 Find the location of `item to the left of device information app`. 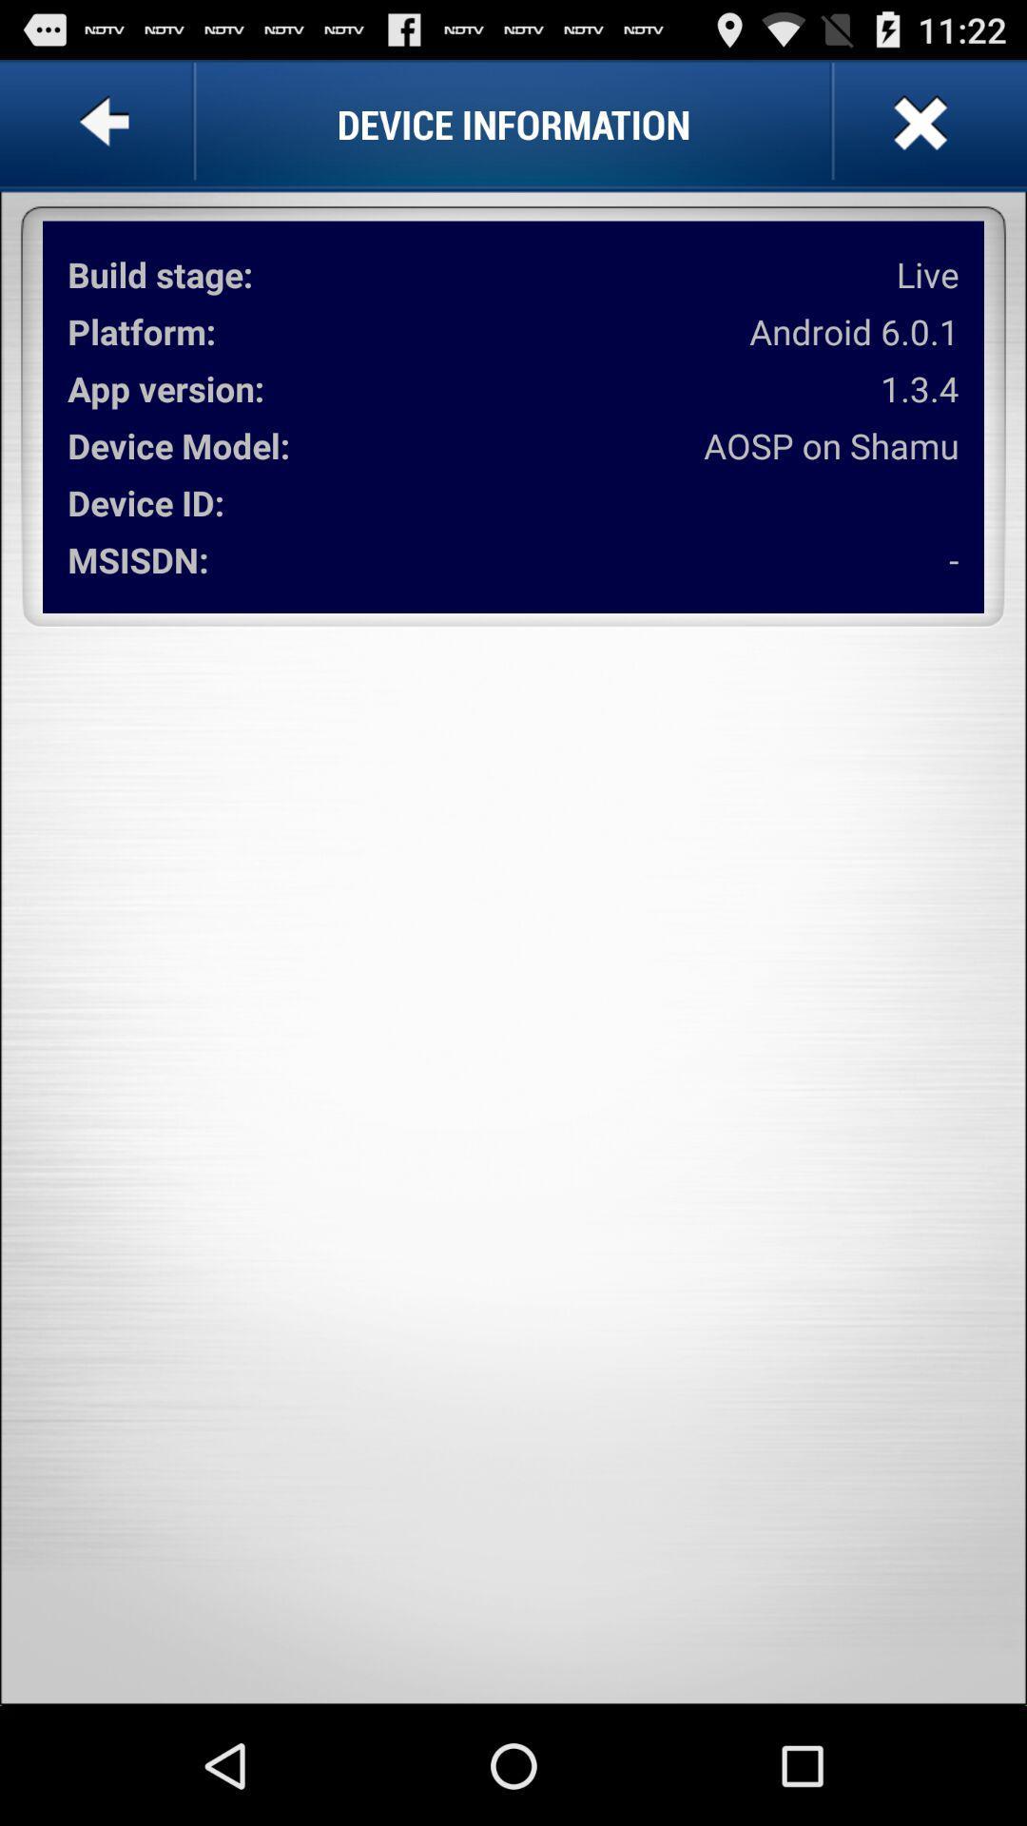

item to the left of device information app is located at coordinates (108, 123).